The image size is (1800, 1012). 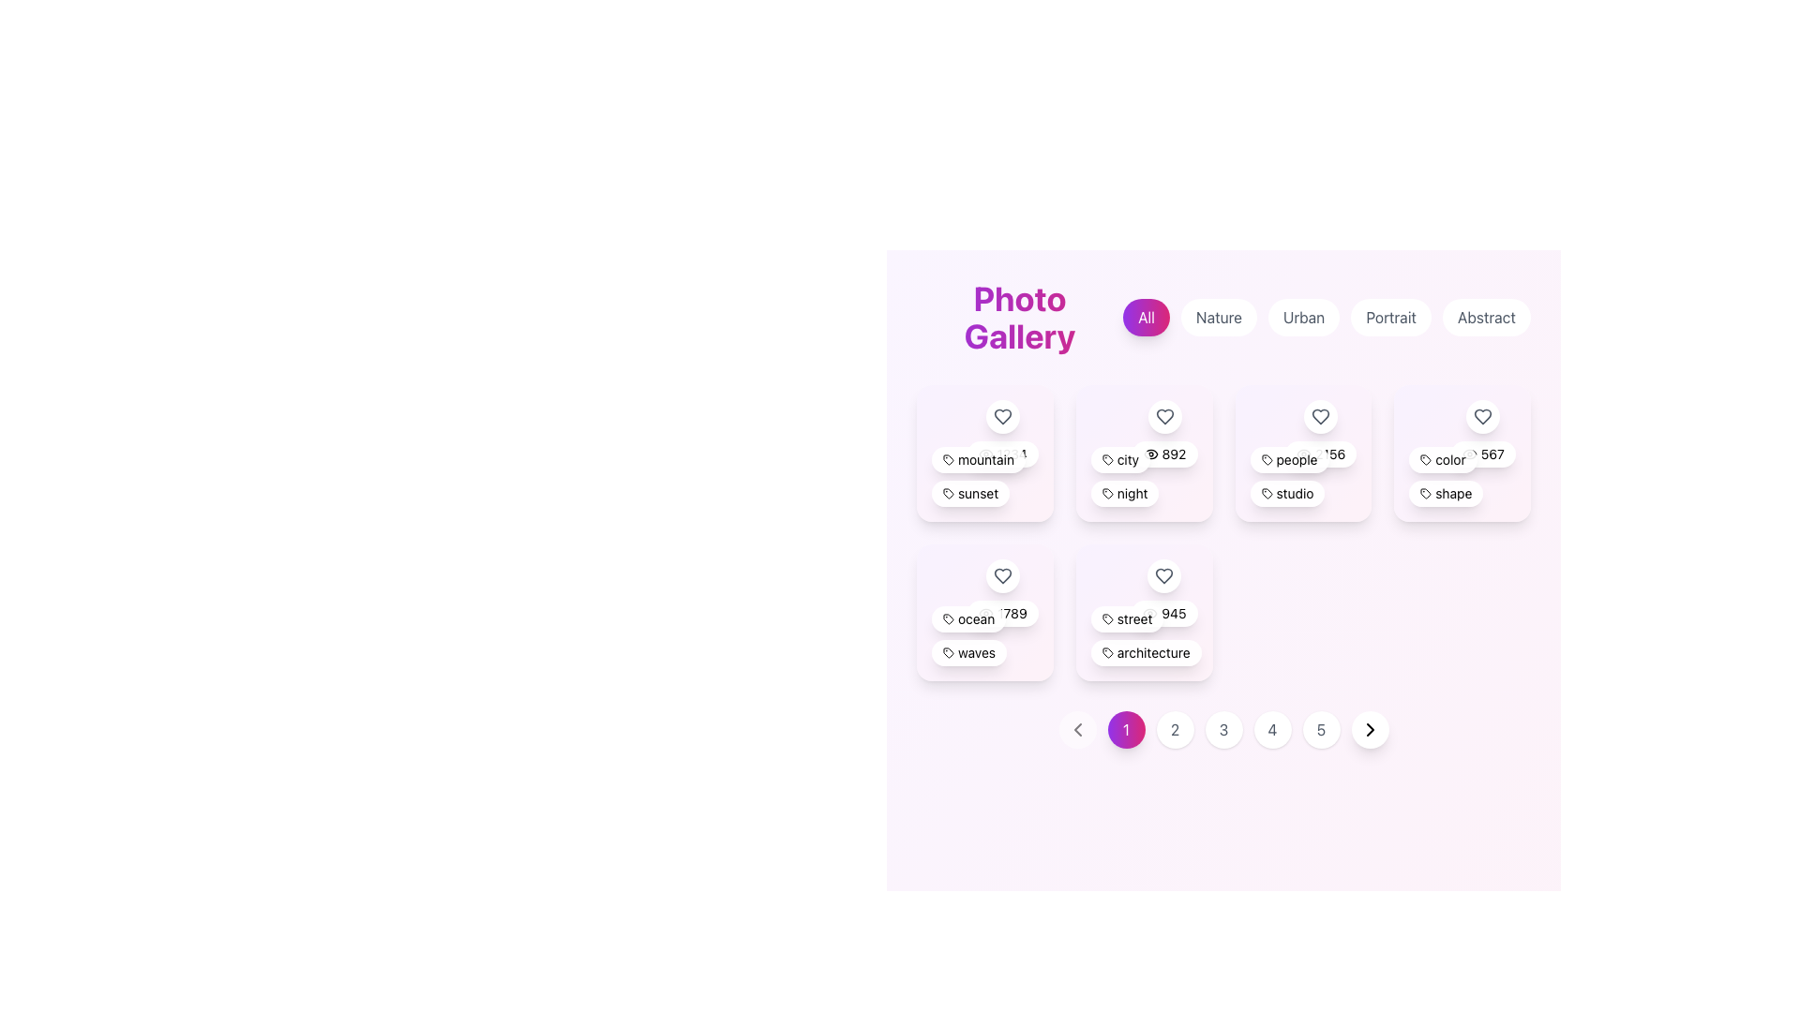 I want to click on the tag icon located in the fourth card of the first row in the card grid layout, which visually represents a tag or label associated with the card's content, so click(x=1425, y=459).